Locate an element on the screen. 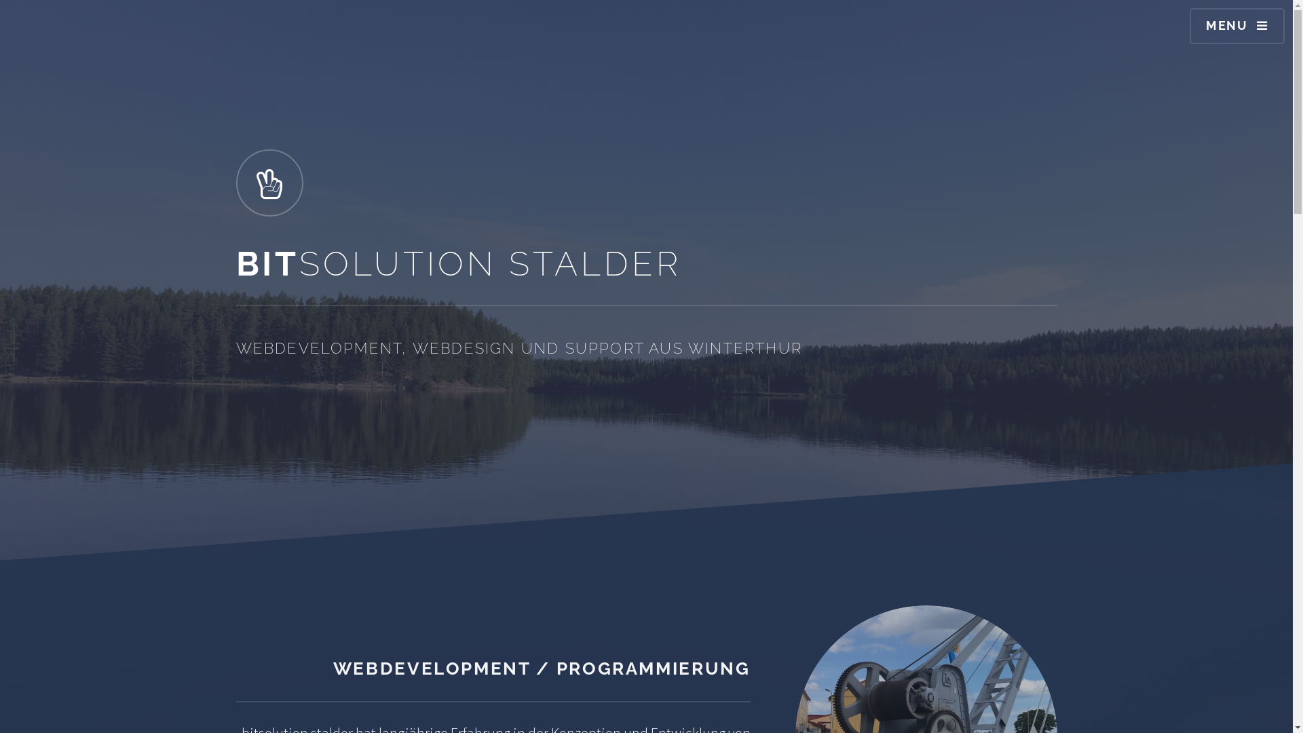 This screenshot has height=733, width=1303. 'MENU' is located at coordinates (1188, 26).